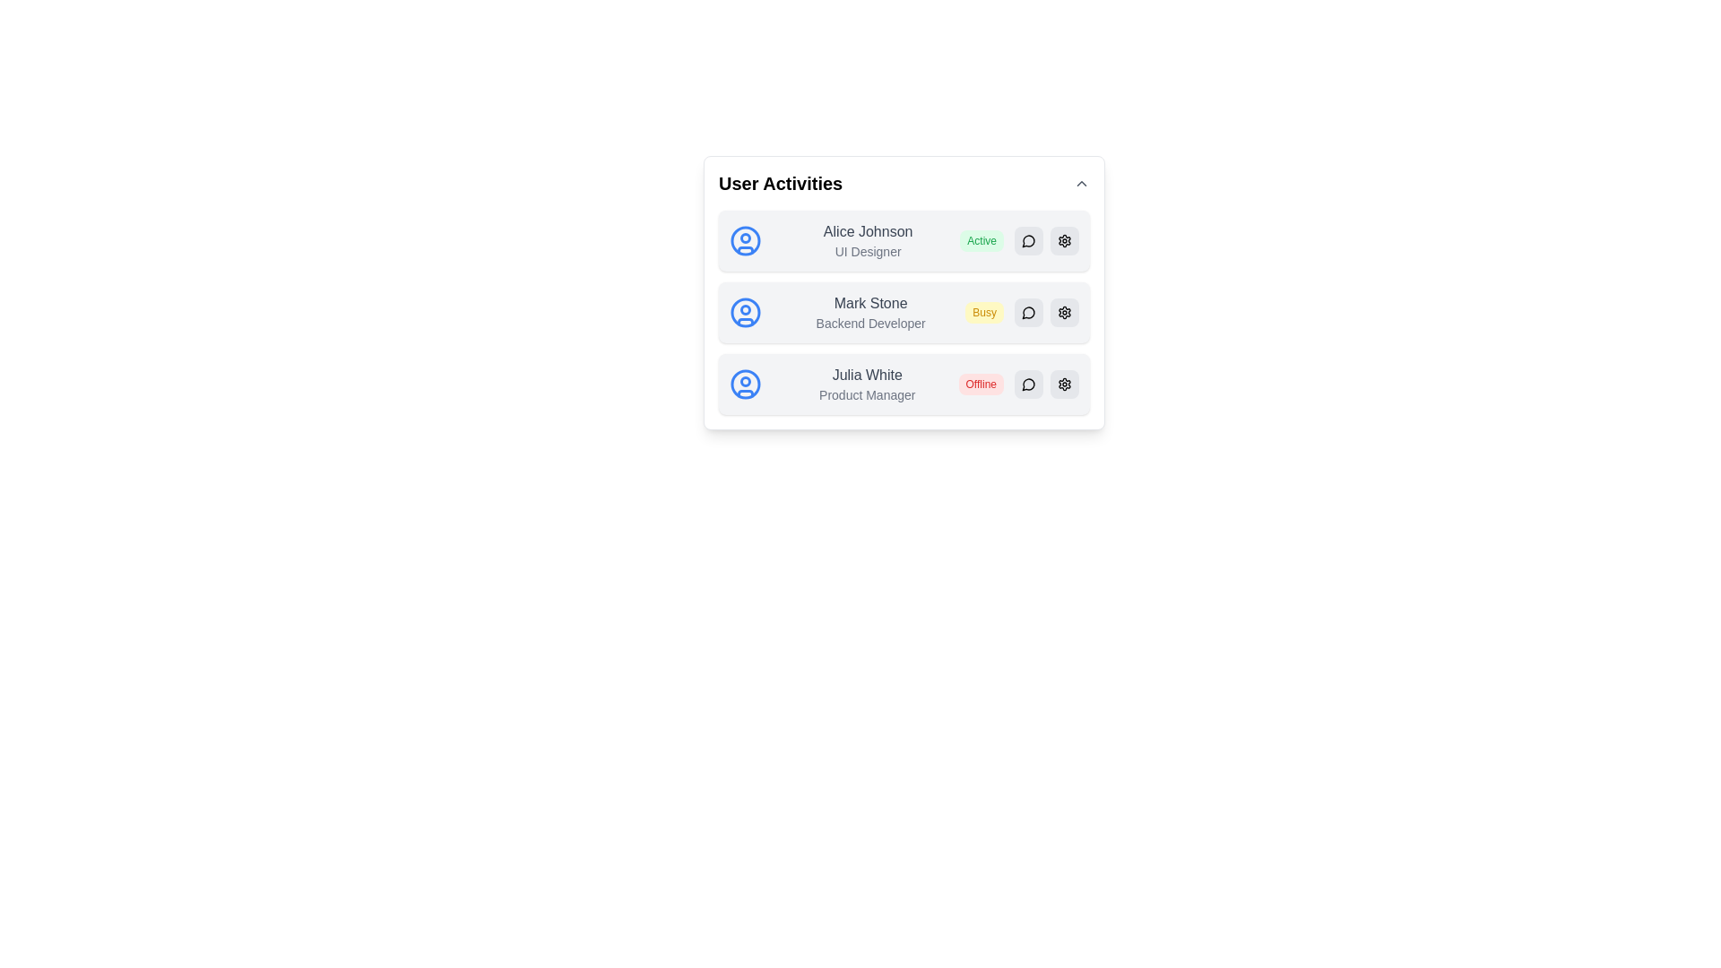  I want to click on the 'User Activities' text display, which is a bold and large font heading located at the top-left corner of a content card, above a list of user profiles, so click(781, 183).